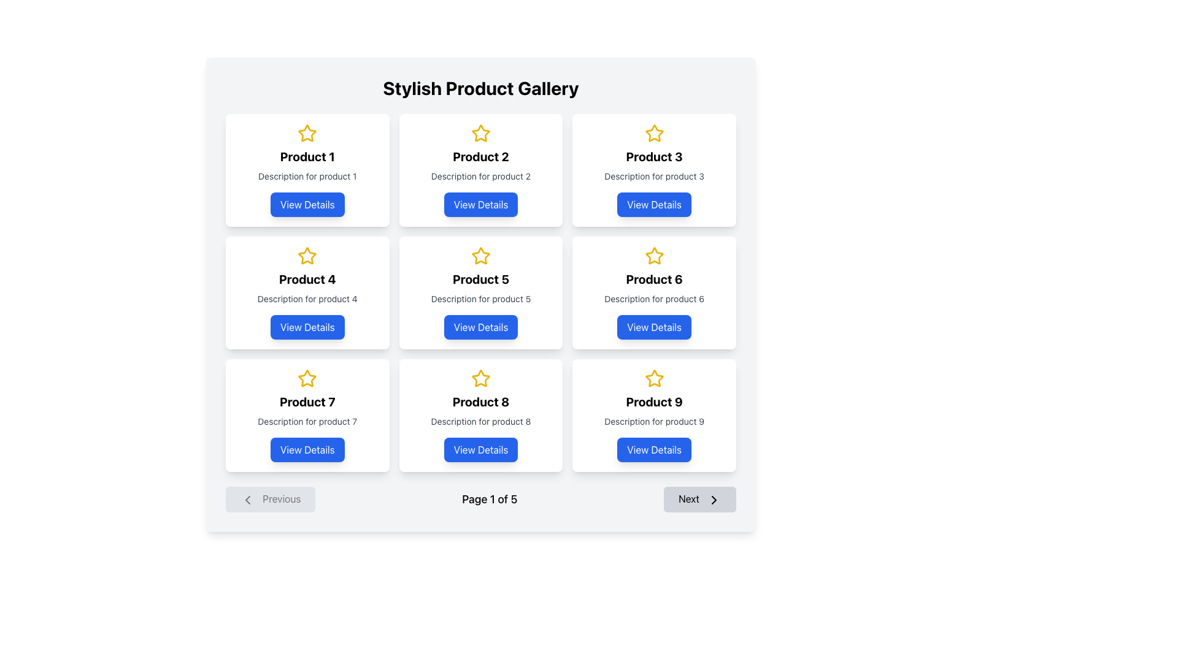 The image size is (1178, 662). Describe the element at coordinates (270, 499) in the screenshot. I see `the 'Previous' button, which is a rectangular button with a light gray background and black text, featuring a left-pointing chevron icon on the left` at that location.